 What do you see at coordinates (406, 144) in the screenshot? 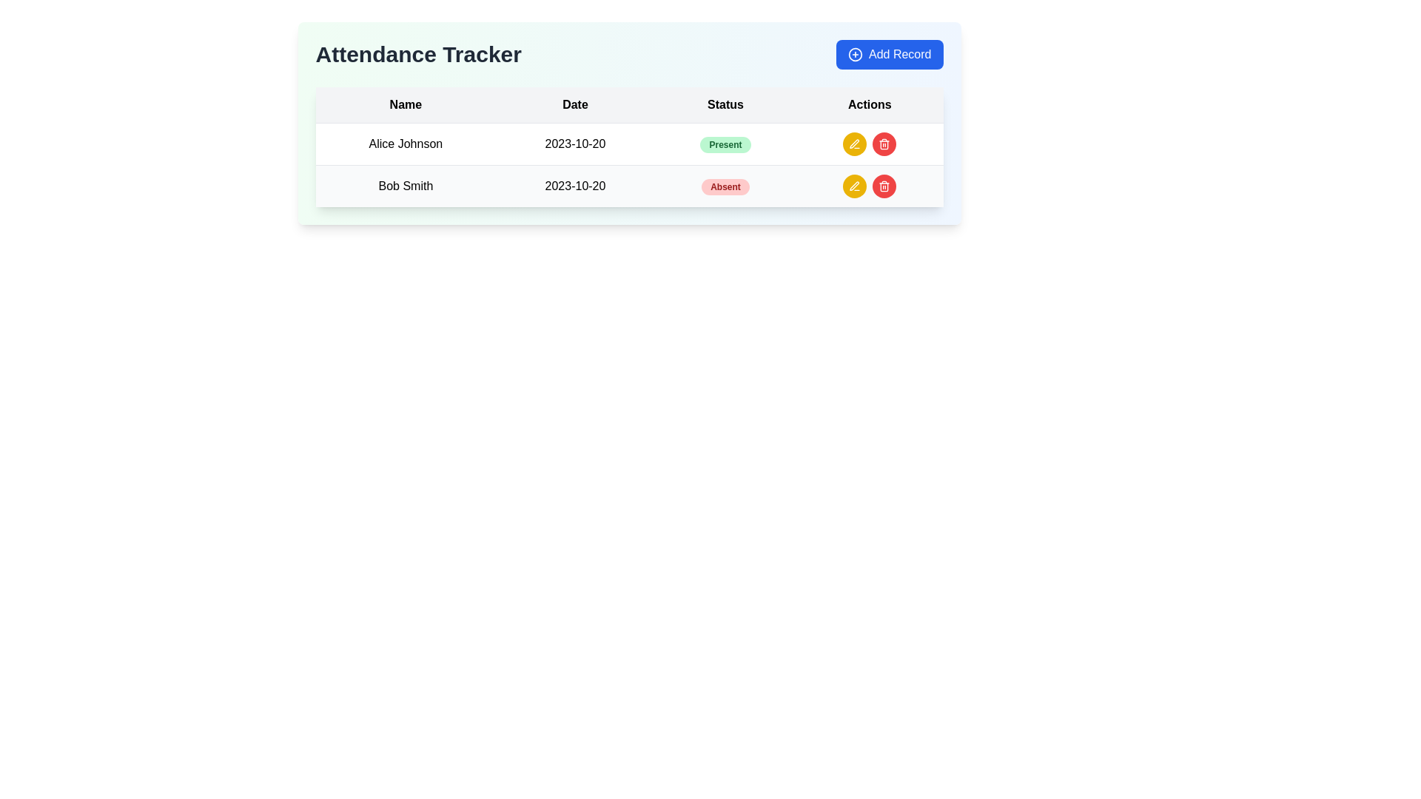
I see `the text label displaying 'Alice Johnson' in the attendance tracker interface, located in the second row under the 'Name' column` at bounding box center [406, 144].